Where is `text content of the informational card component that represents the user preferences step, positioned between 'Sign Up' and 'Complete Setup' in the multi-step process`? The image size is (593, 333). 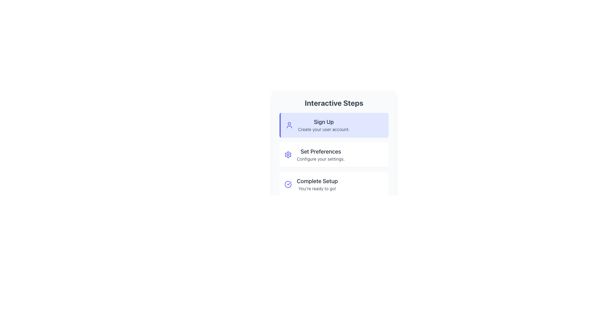
text content of the informational card component that represents the user preferences step, positioned between 'Sign Up' and 'Complete Setup' in the multi-step process is located at coordinates (334, 154).